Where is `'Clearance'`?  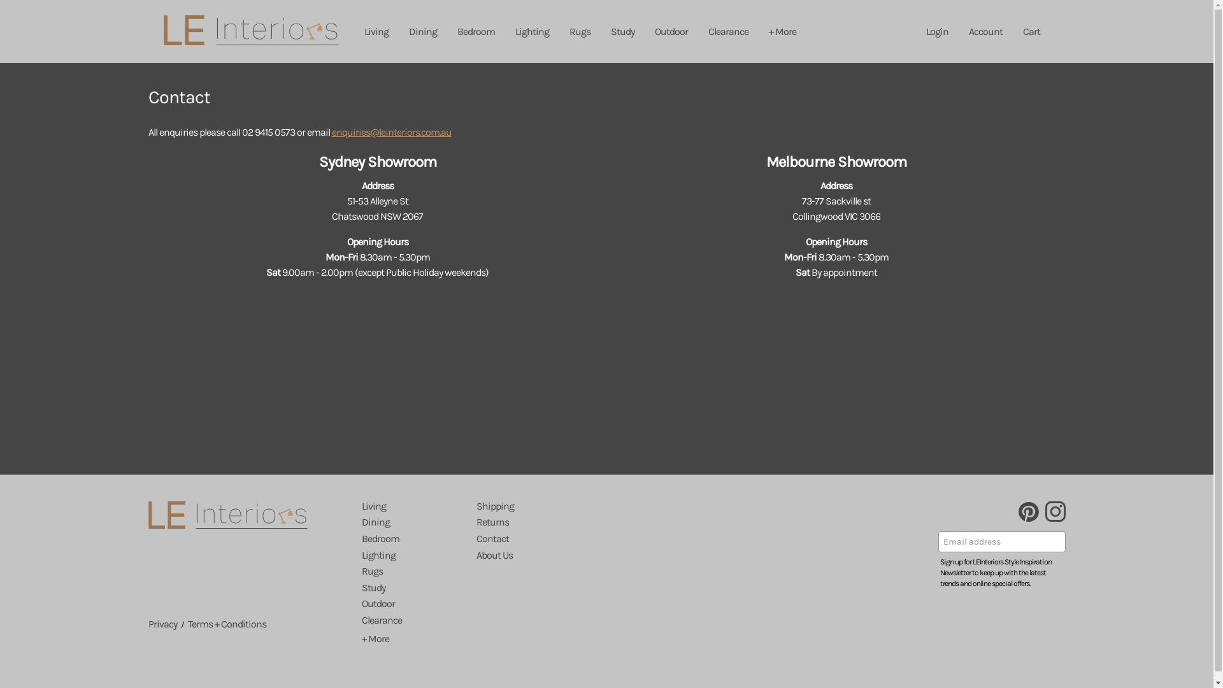
'Clearance' is located at coordinates (381, 619).